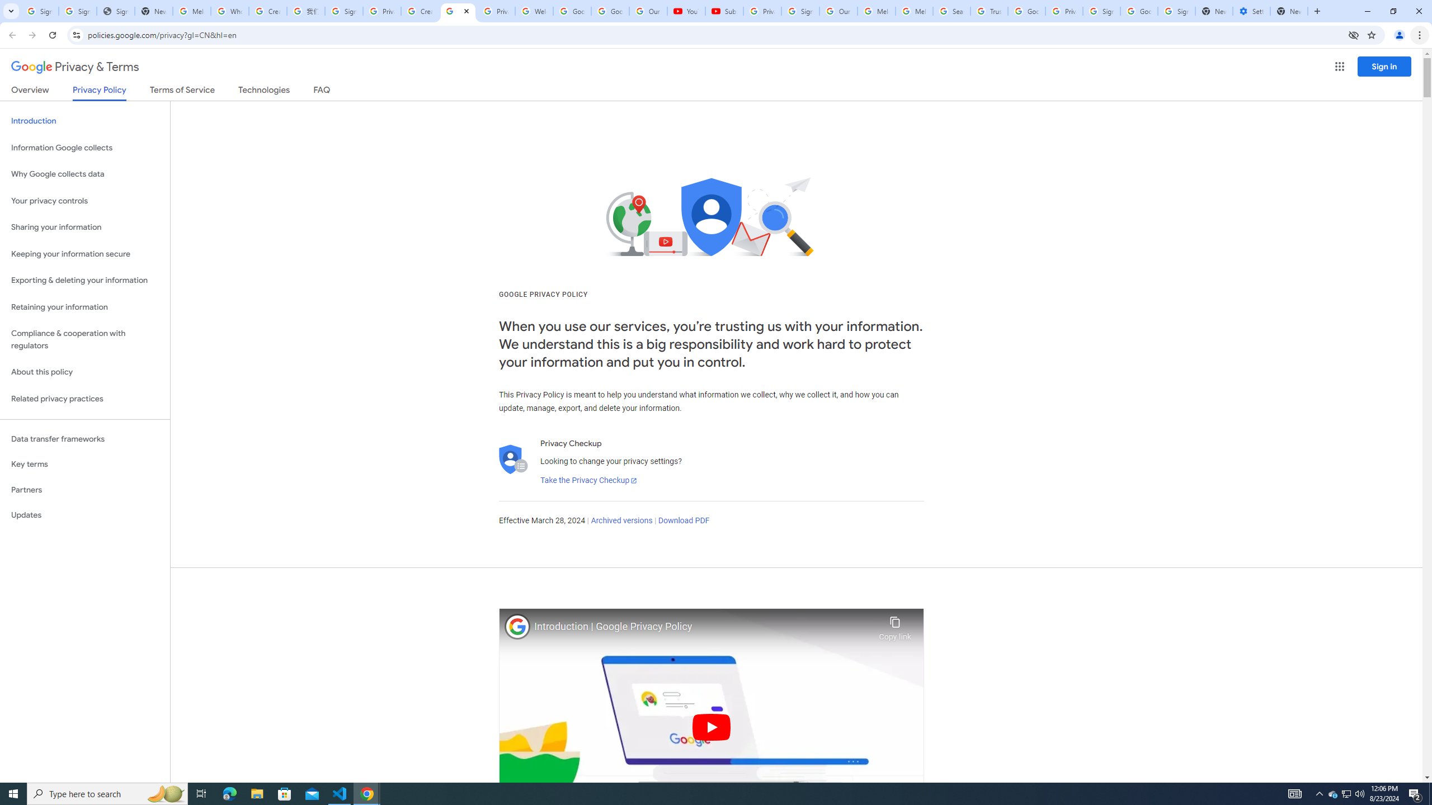  I want to click on 'Google Ads - Sign in', so click(1026, 11).